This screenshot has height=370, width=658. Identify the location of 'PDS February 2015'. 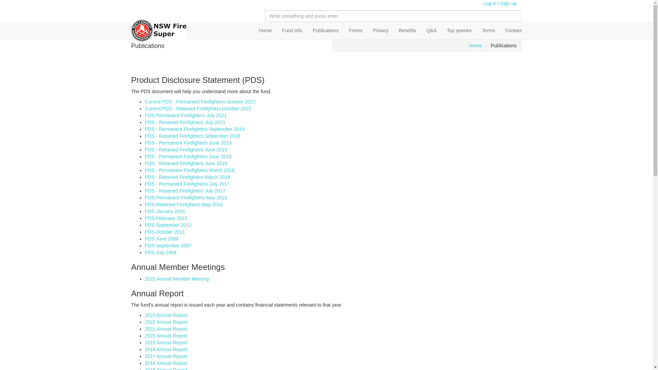
(166, 218).